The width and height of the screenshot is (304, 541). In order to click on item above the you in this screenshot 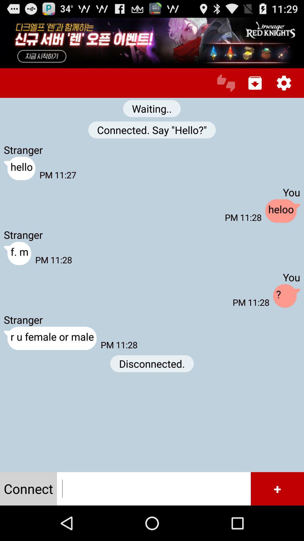, I will do `click(284, 83)`.